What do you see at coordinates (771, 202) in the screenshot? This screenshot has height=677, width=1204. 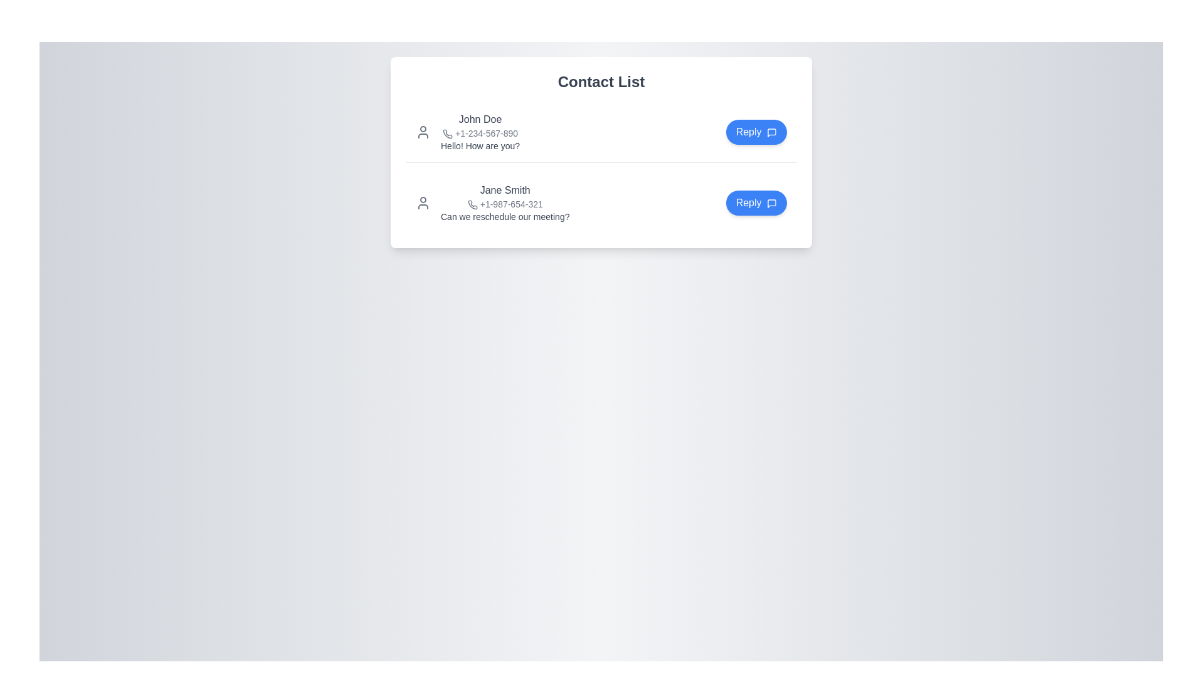 I see `the SVG-based reply icon located within the 'Reply' button in the contact list for 'Jane Smith', which visually reinforces the reply action` at bounding box center [771, 202].